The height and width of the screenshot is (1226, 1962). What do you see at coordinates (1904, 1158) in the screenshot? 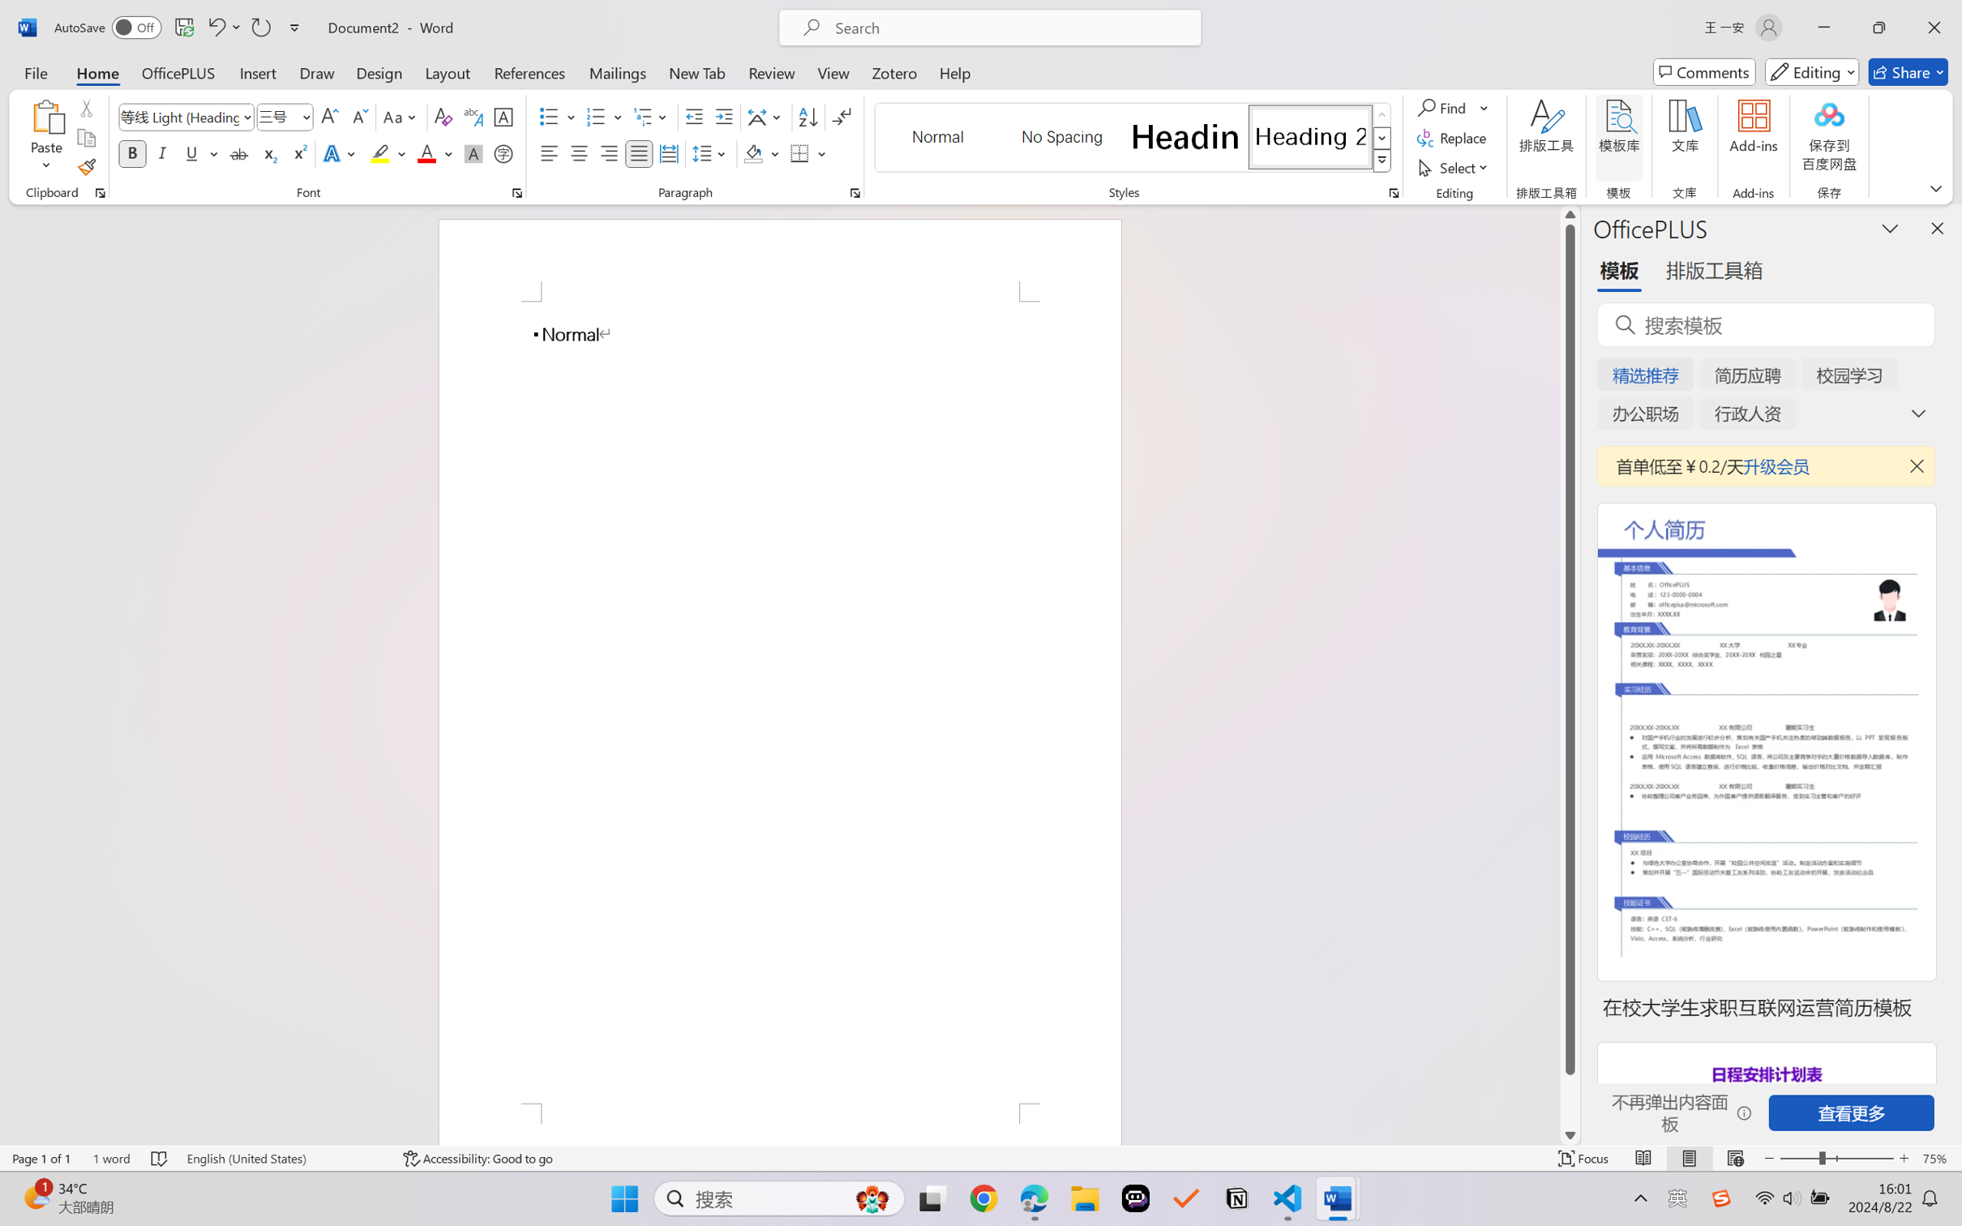
I see `'Zoom In'` at bounding box center [1904, 1158].